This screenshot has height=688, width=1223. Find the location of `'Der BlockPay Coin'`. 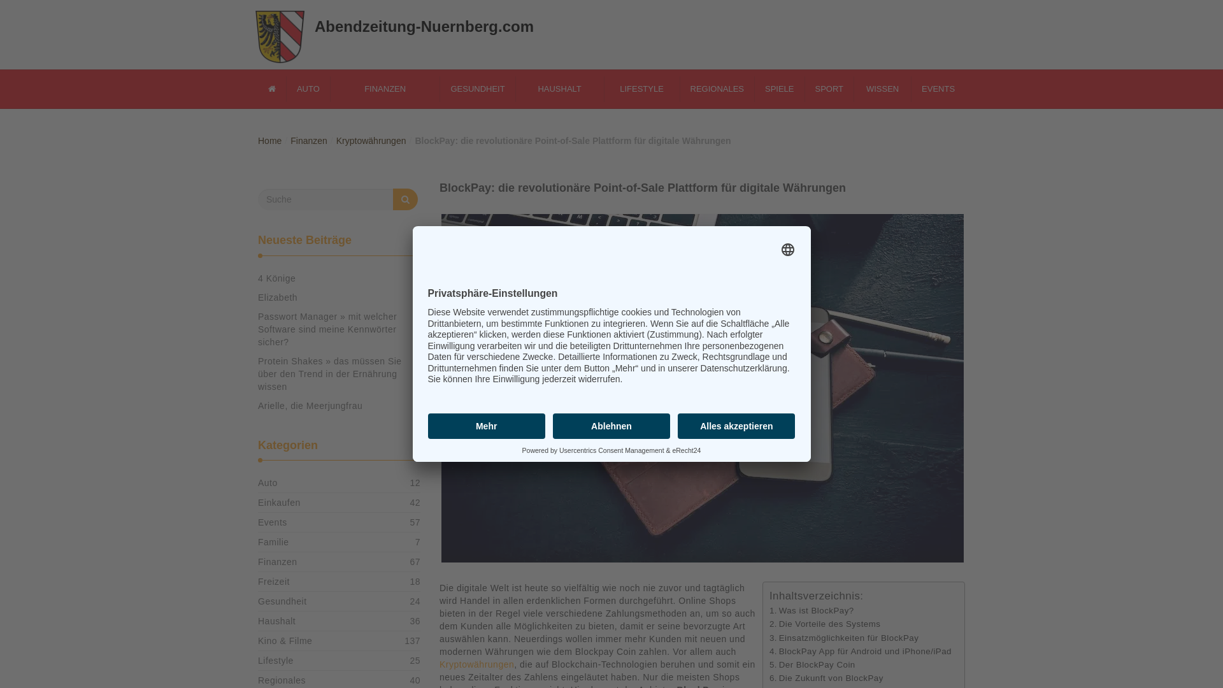

'Der BlockPay Coin' is located at coordinates (806, 664).